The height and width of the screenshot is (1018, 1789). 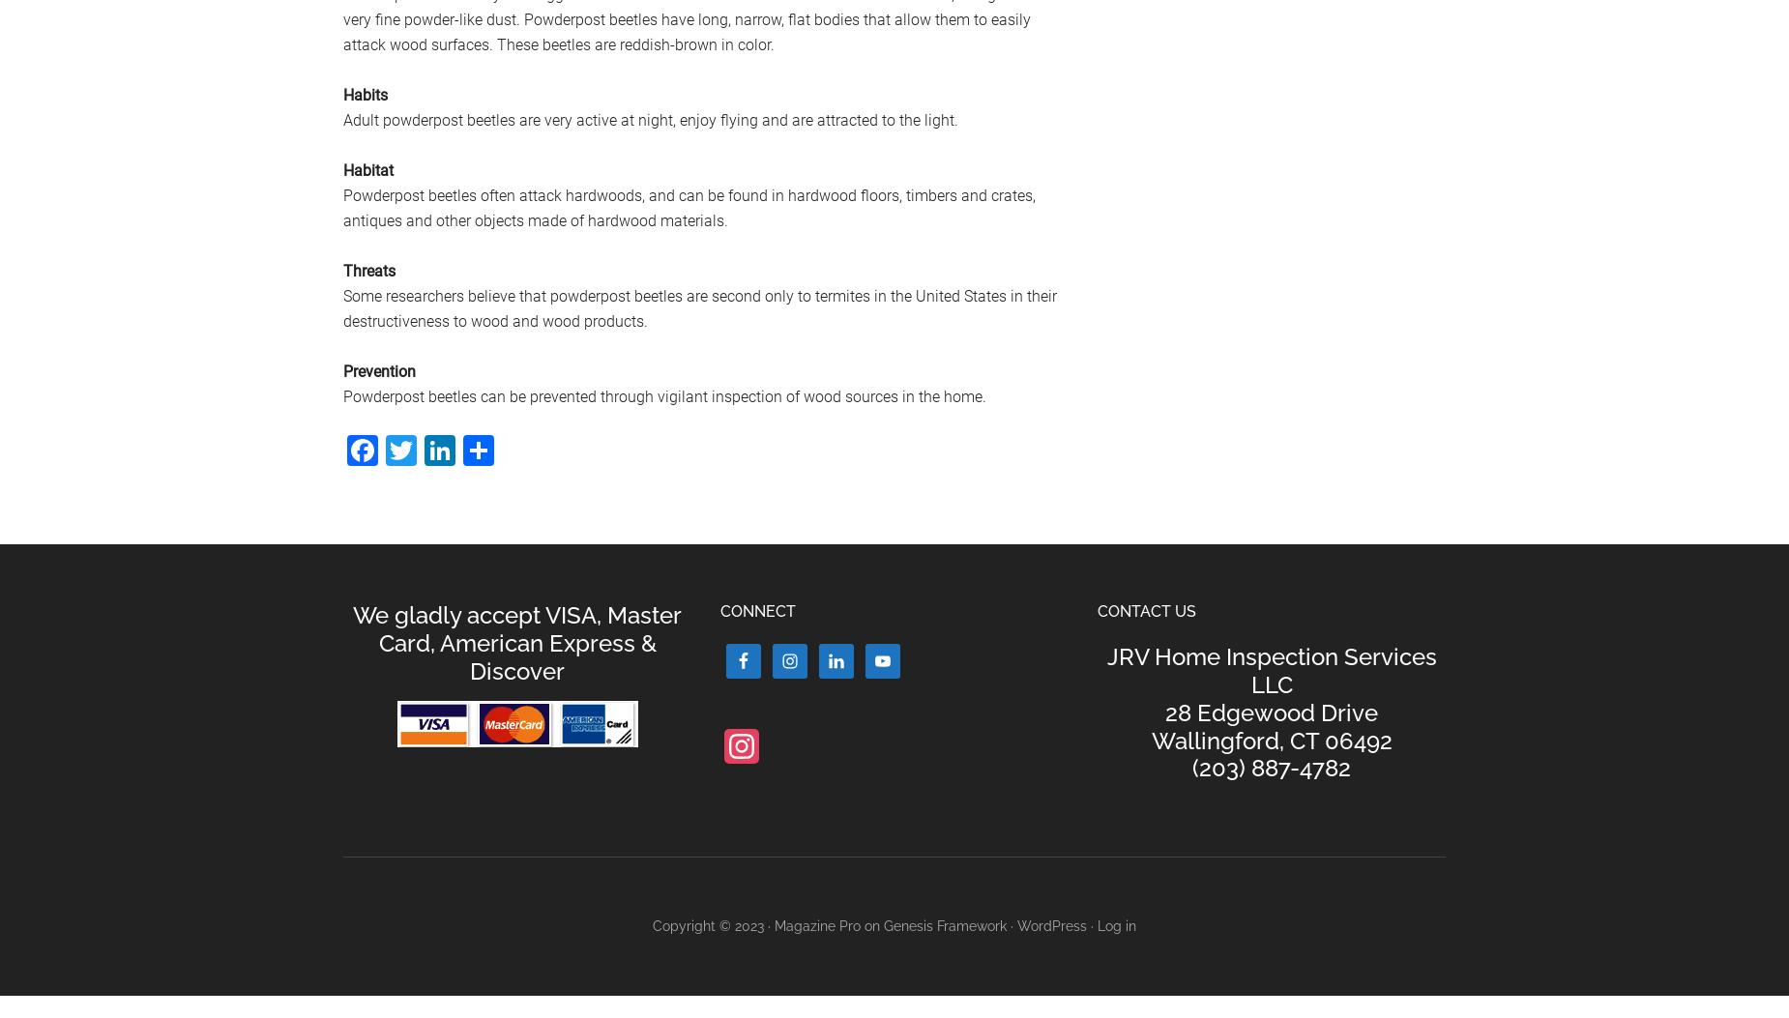 I want to click on 'Connect', so click(x=758, y=609).